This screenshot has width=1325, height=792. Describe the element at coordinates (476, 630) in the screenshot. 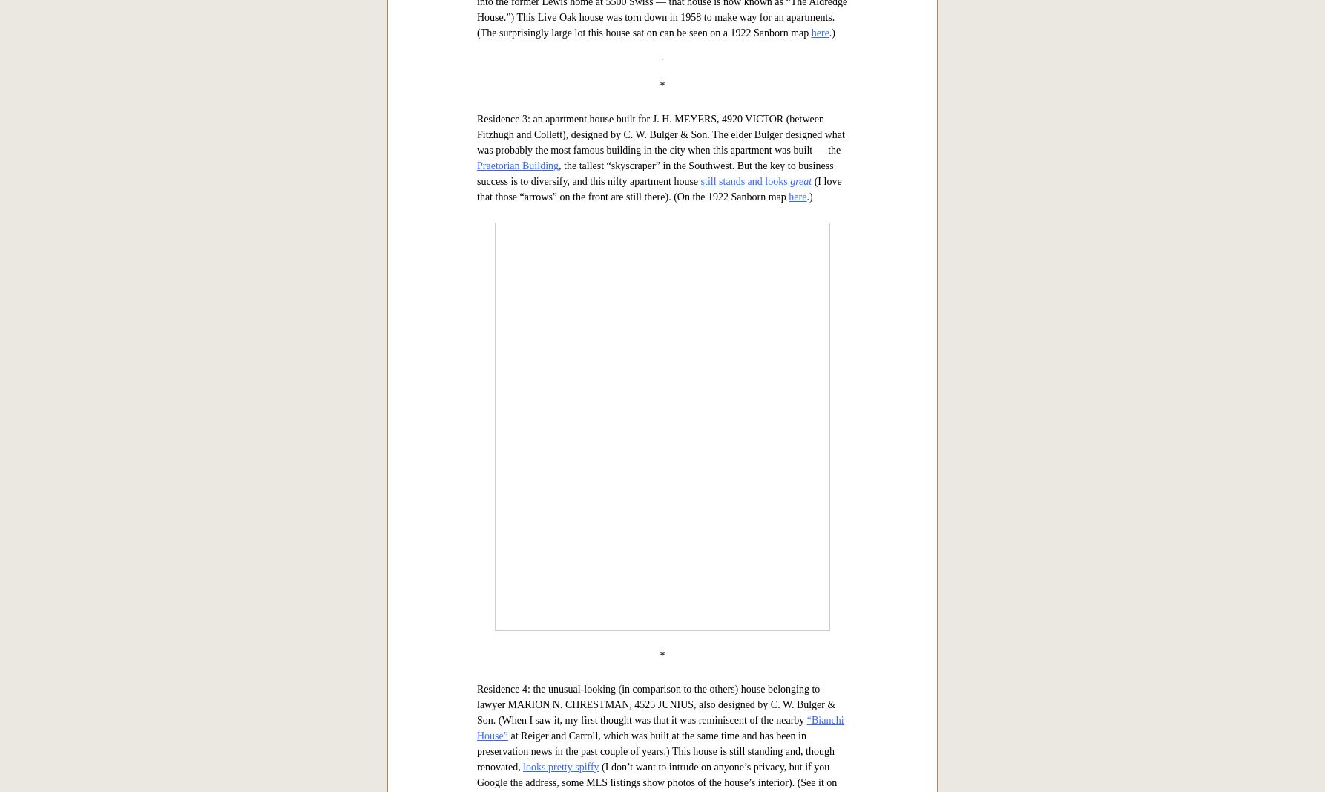

I see `'Praetorian Building'` at that location.